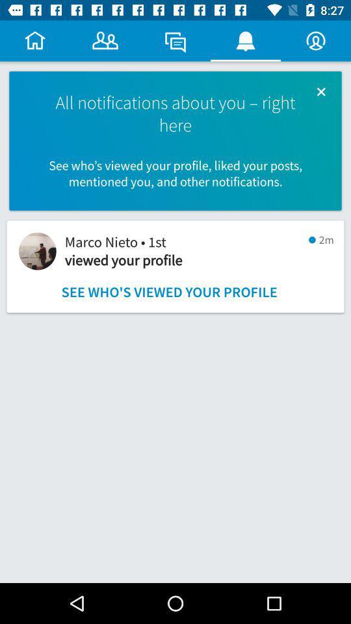  Describe the element at coordinates (320, 91) in the screenshot. I see `the item to the right of the all notifications about item` at that location.